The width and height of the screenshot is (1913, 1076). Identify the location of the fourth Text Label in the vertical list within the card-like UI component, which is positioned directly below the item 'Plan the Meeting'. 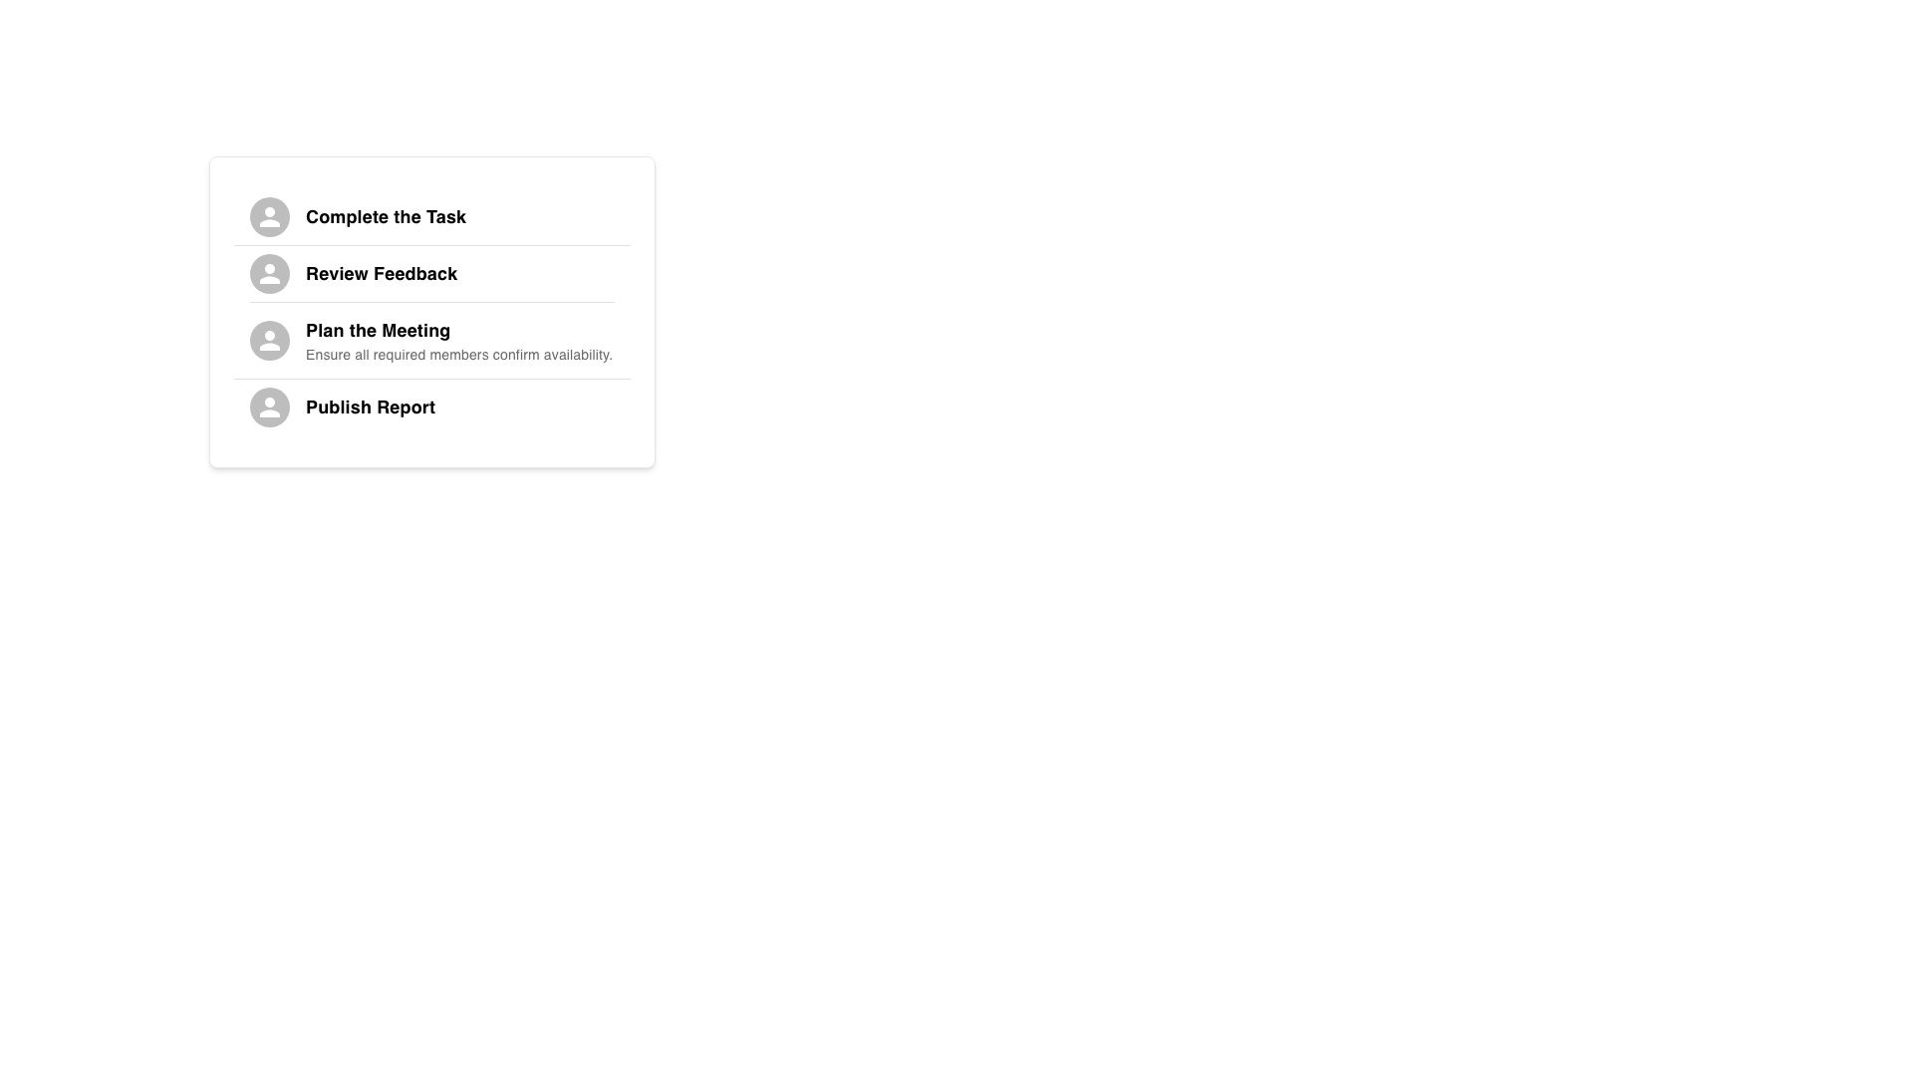
(371, 405).